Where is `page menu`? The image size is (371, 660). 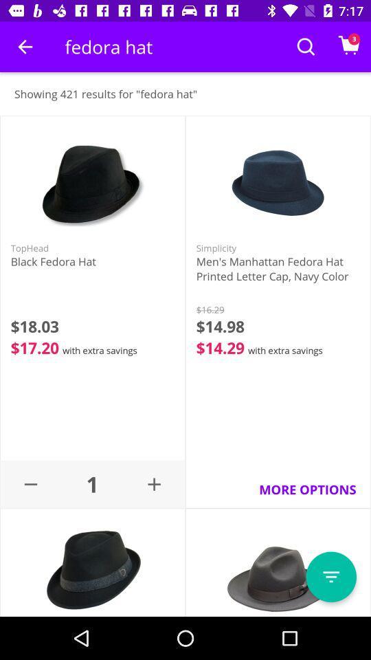
page menu is located at coordinates (330, 577).